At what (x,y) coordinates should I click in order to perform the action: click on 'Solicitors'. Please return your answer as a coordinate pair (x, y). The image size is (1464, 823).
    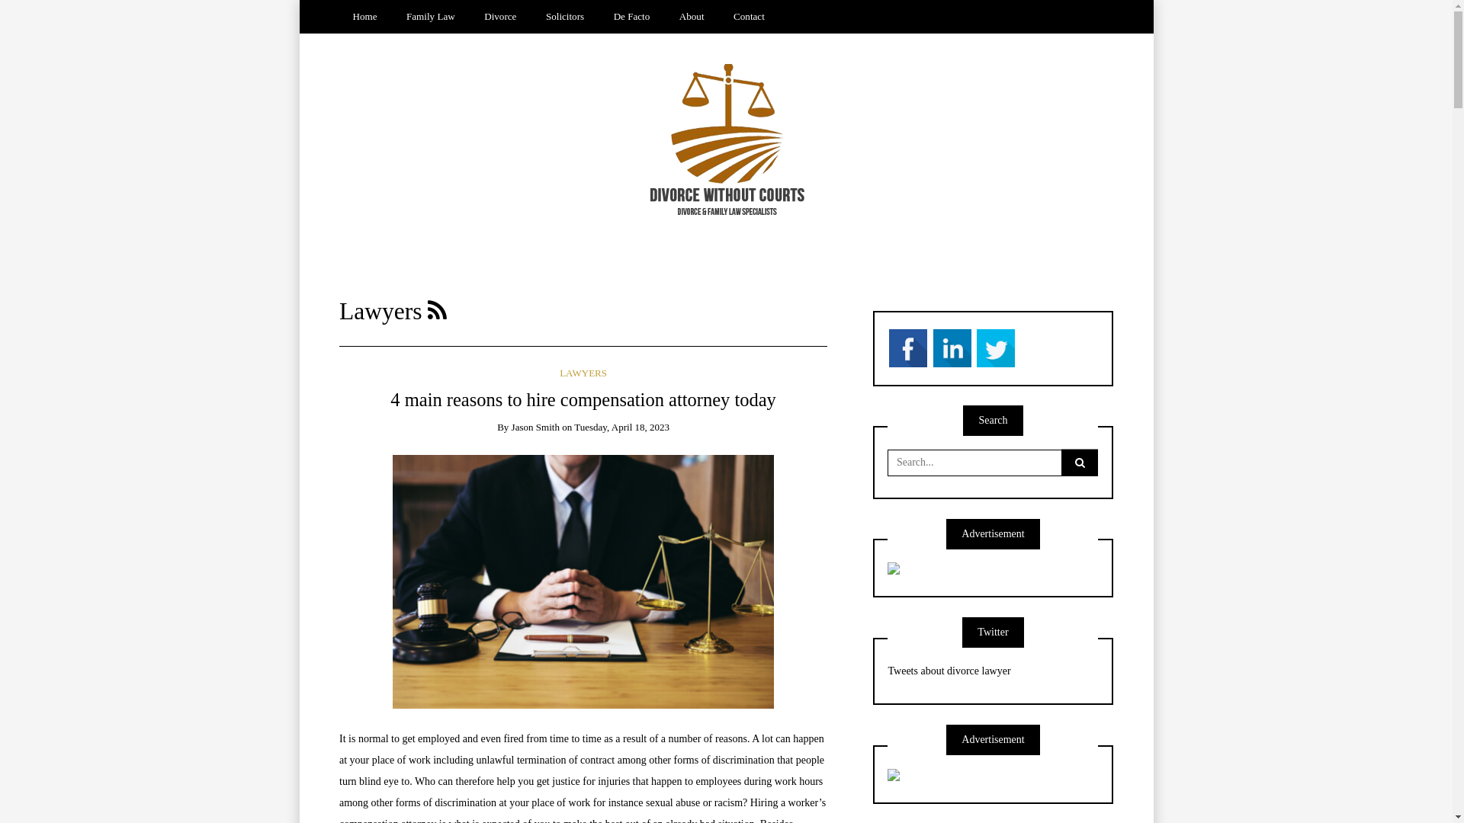
    Looking at the image, I should click on (531, 17).